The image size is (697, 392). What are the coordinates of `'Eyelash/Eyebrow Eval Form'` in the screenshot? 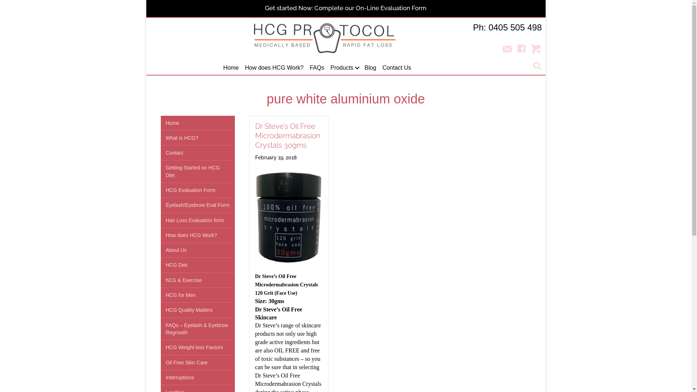 It's located at (197, 205).